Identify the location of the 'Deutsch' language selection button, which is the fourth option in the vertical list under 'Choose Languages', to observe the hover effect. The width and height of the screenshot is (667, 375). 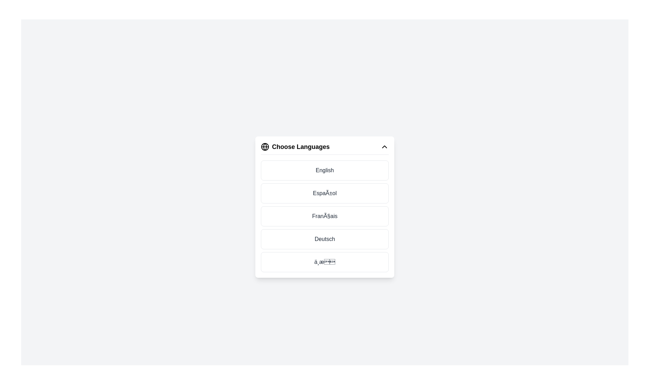
(324, 239).